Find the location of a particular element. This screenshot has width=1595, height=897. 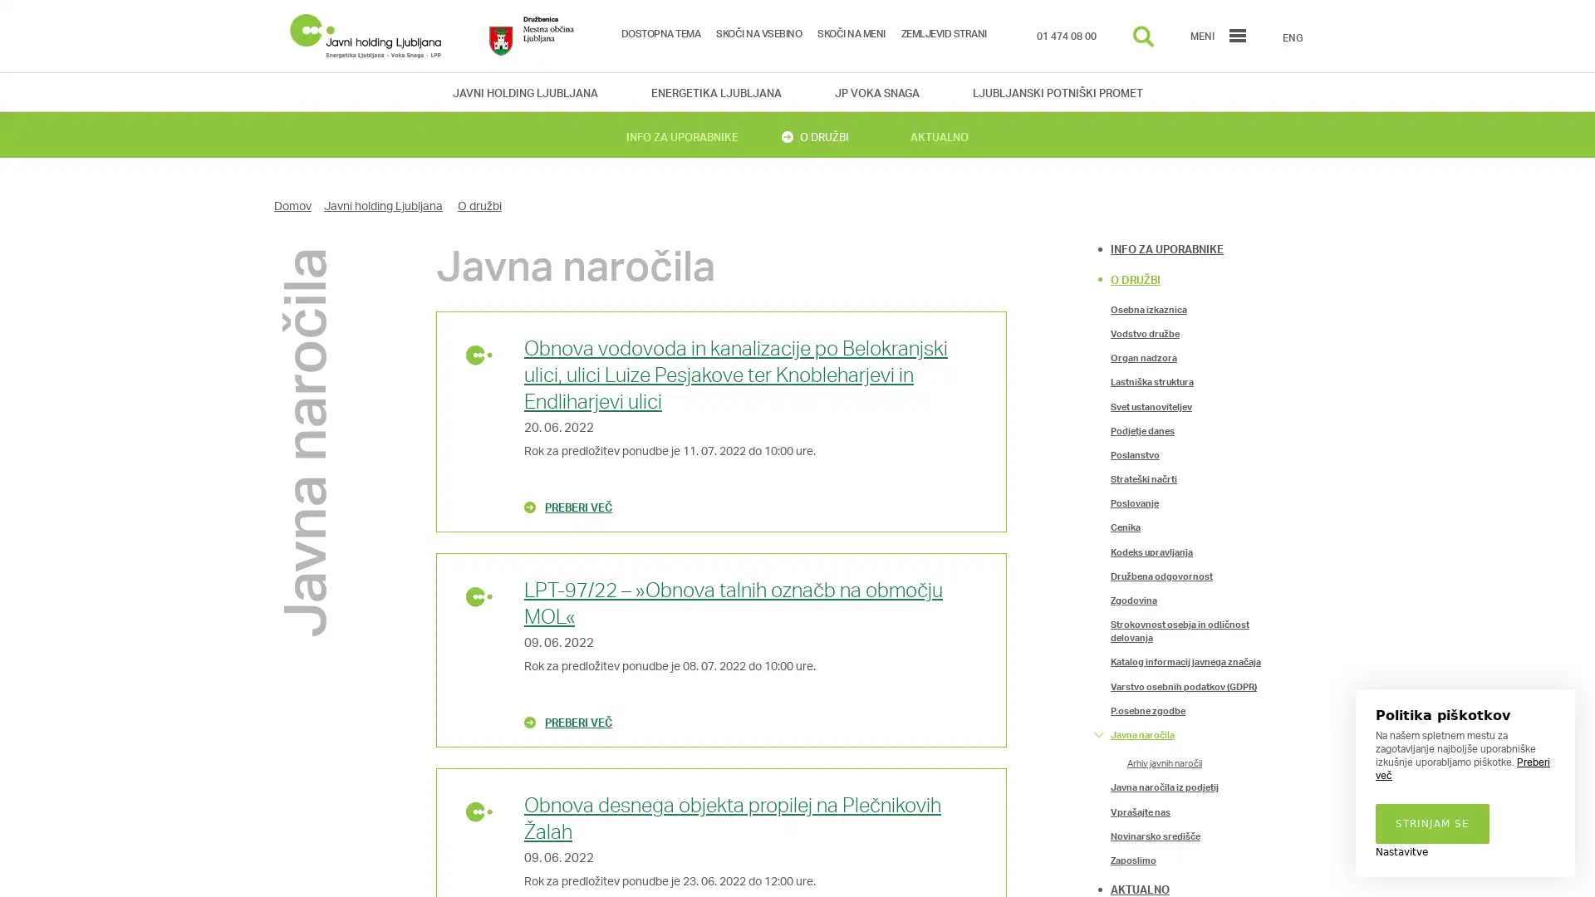

Razsiri meni is located at coordinates (1099, 787).